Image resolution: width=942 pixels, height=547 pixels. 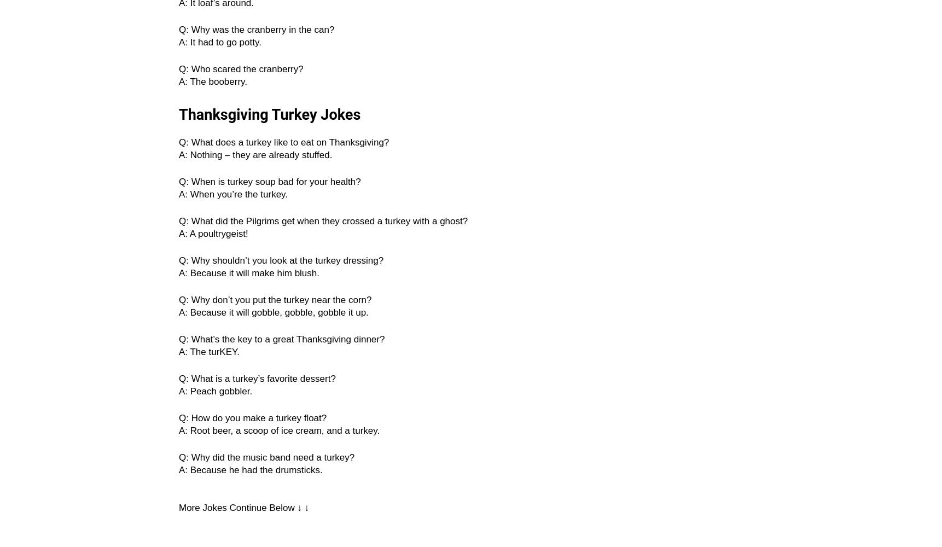 What do you see at coordinates (284, 142) in the screenshot?
I see `'Q: What does a turkey like to eat on Thanksgiving?'` at bounding box center [284, 142].